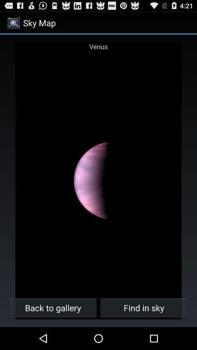 Image resolution: width=197 pixels, height=350 pixels. What do you see at coordinates (53, 307) in the screenshot?
I see `icon to the left of the find in sky item` at bounding box center [53, 307].